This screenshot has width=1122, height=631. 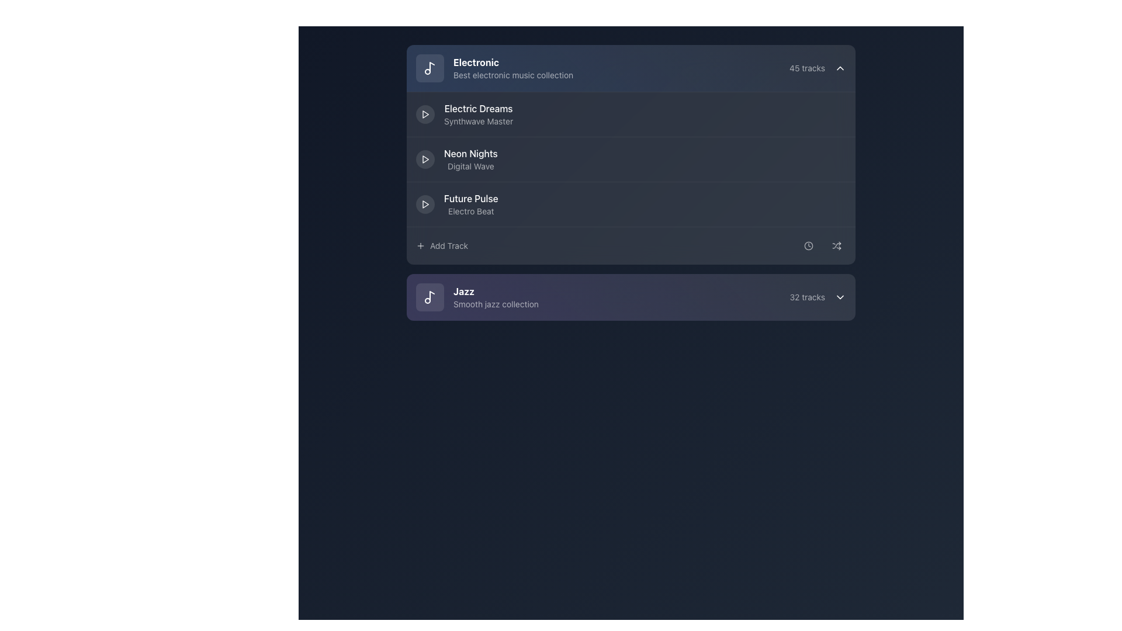 What do you see at coordinates (808, 245) in the screenshot?
I see `the primary circle of the SVG representation of the clock icon, which is part of the graphical decoration in the 'Electronic' collection group` at bounding box center [808, 245].